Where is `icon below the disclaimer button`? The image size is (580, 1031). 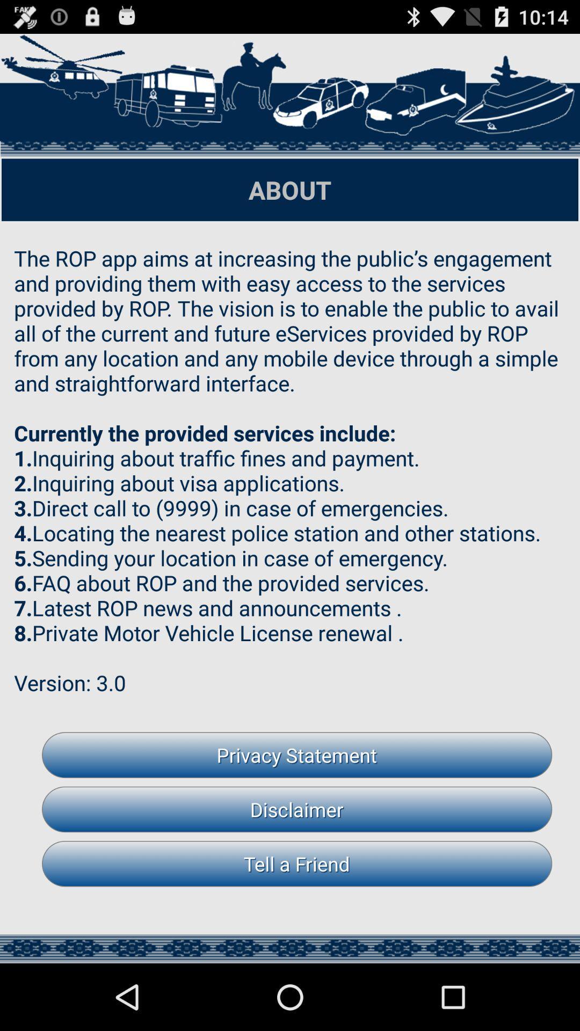 icon below the disclaimer button is located at coordinates (297, 863).